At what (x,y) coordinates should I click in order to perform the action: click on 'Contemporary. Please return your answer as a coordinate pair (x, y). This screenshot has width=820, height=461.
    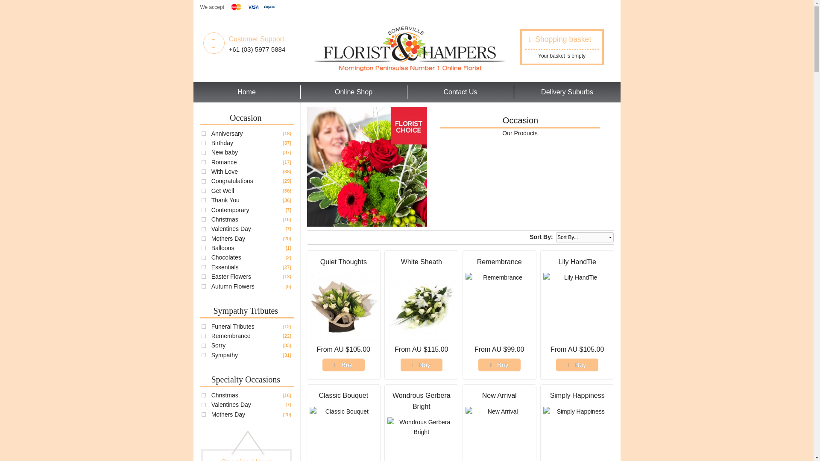
    Looking at the image, I should click on (230, 210).